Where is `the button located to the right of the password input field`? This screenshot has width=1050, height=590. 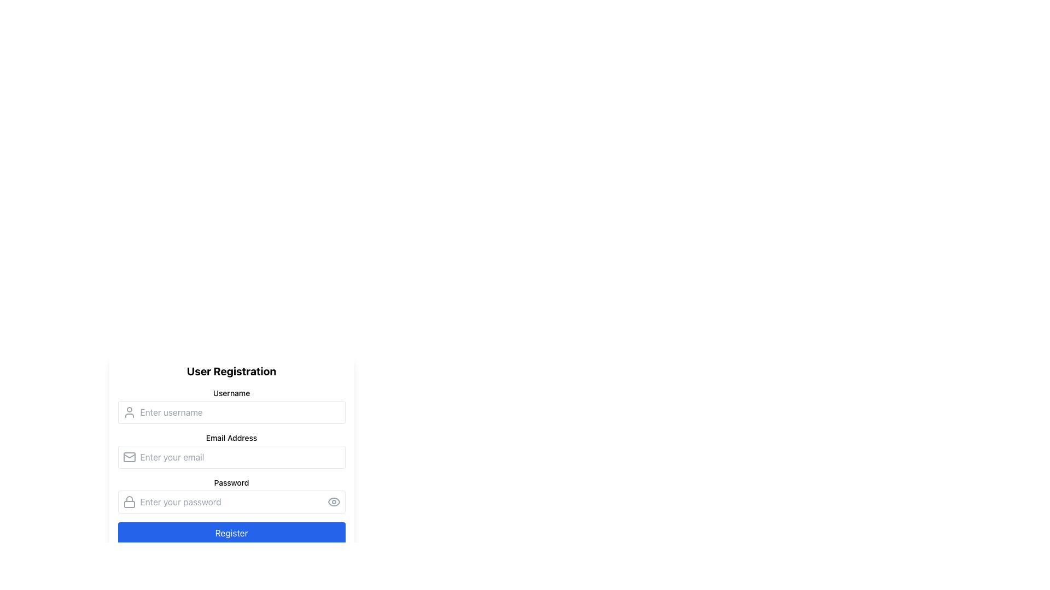
the button located to the right of the password input field is located at coordinates (333, 501).